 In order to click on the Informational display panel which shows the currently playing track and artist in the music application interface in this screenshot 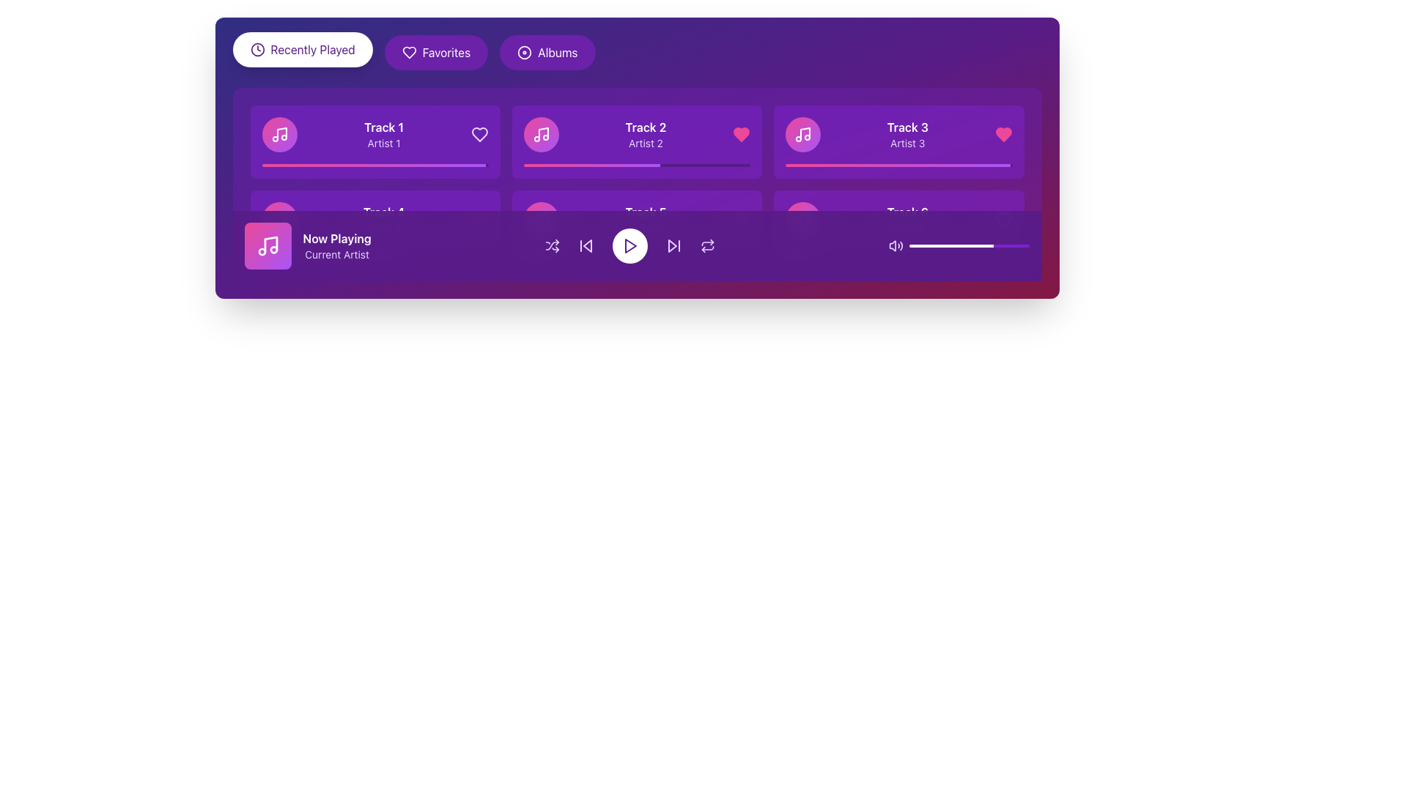, I will do `click(307, 245)`.